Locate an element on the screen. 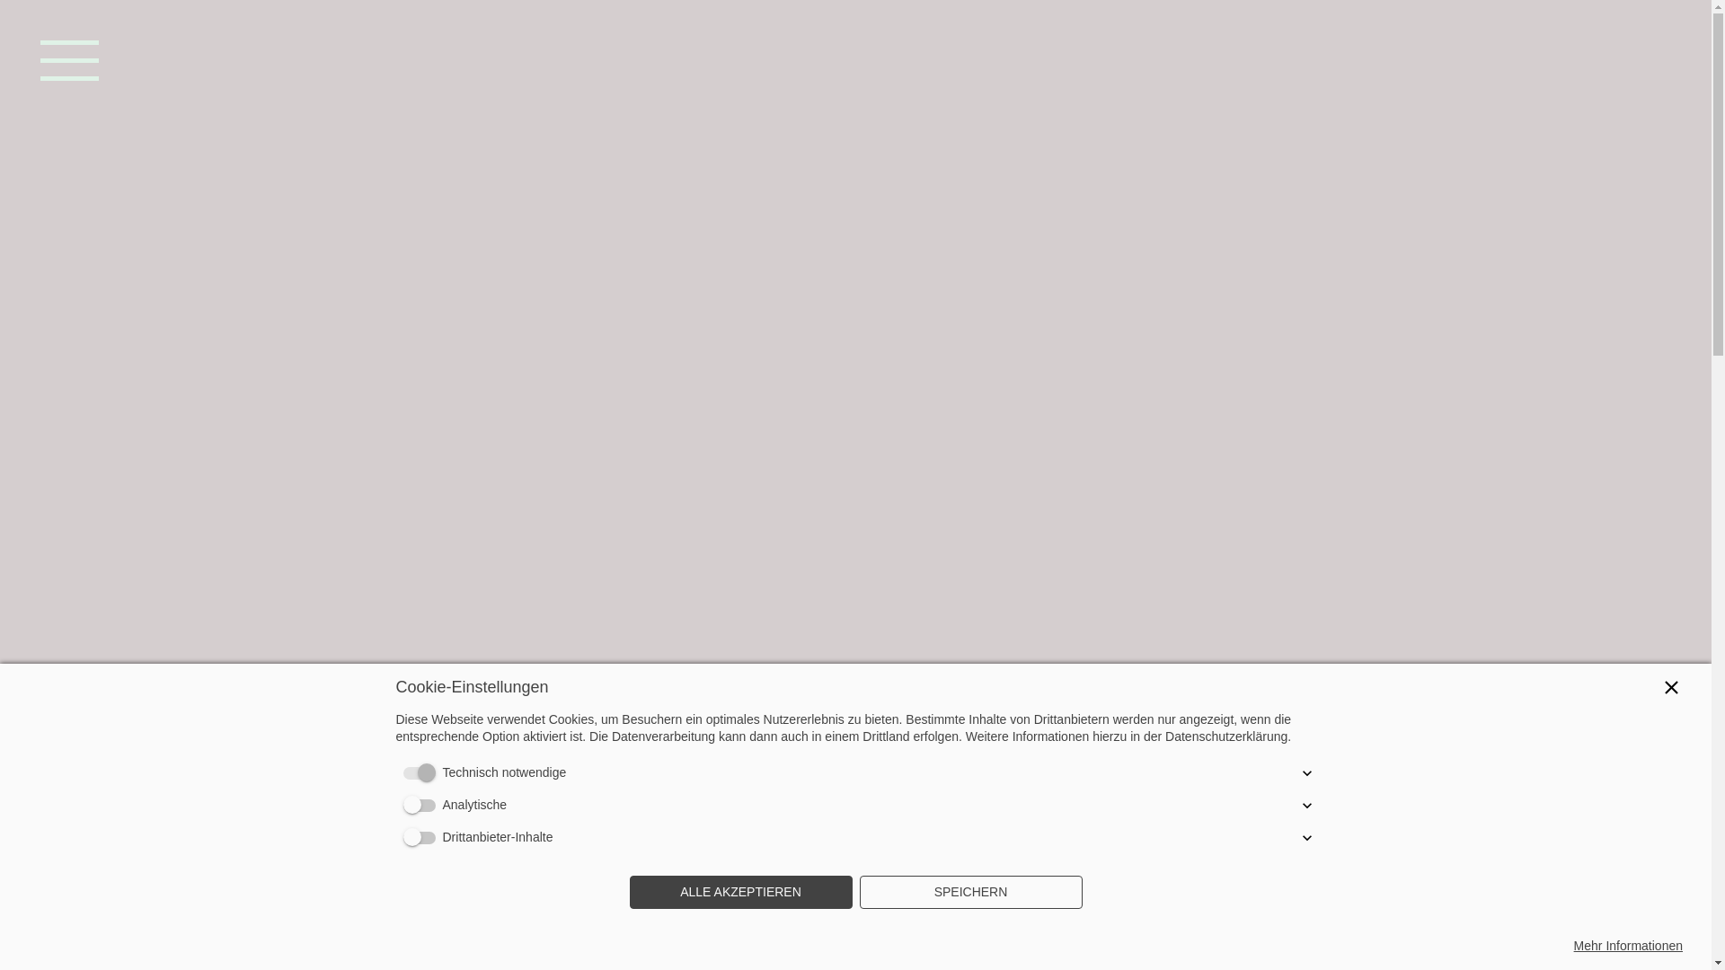  'ALLE AKZEPTIEREN' is located at coordinates (629, 893).